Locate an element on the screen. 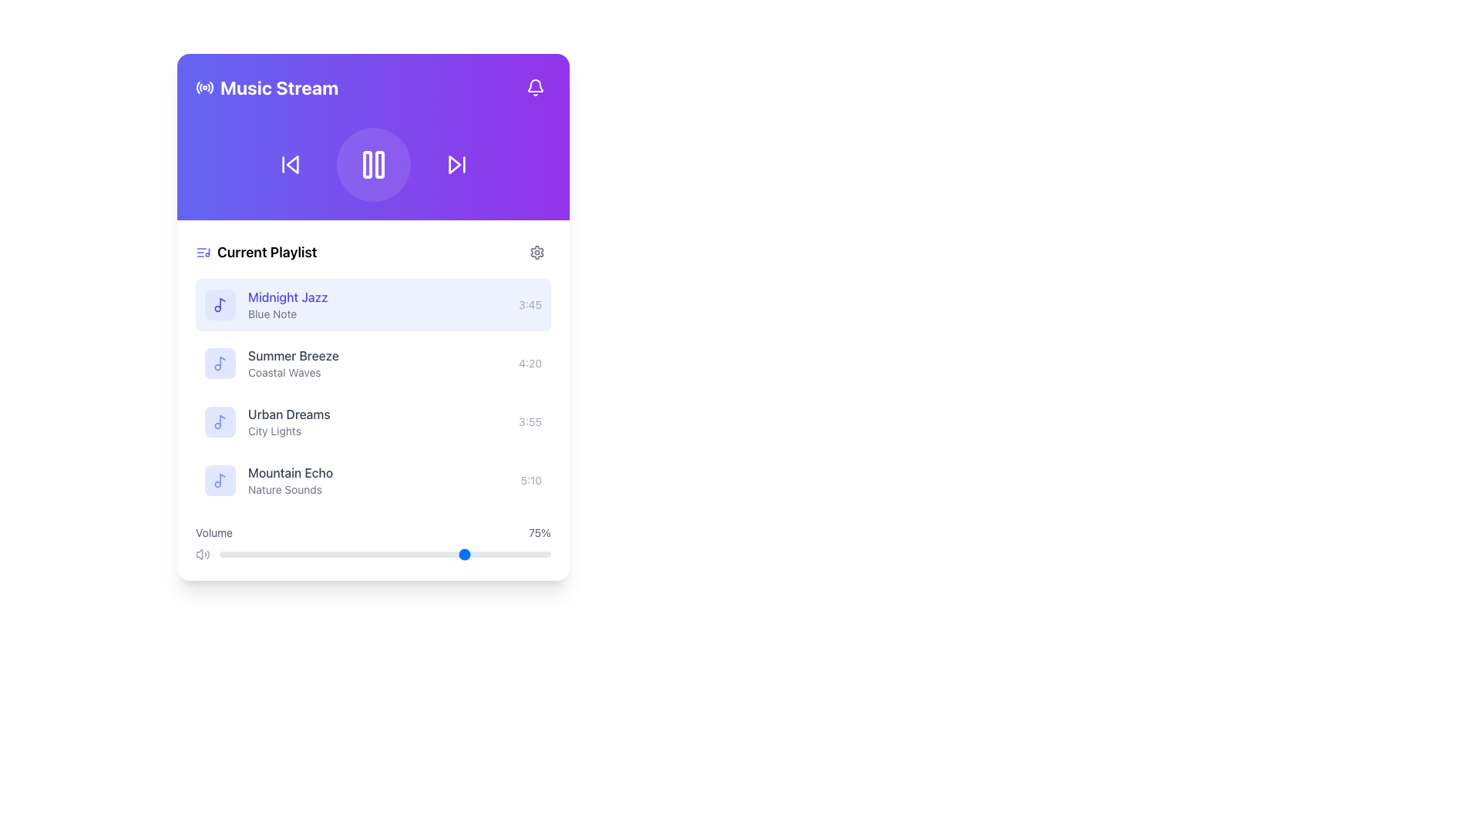 The width and height of the screenshot is (1480, 832). the SVG music category icon located at the top-left corner of the 'Midnight Jazz' playlist item is located at coordinates (220, 363).